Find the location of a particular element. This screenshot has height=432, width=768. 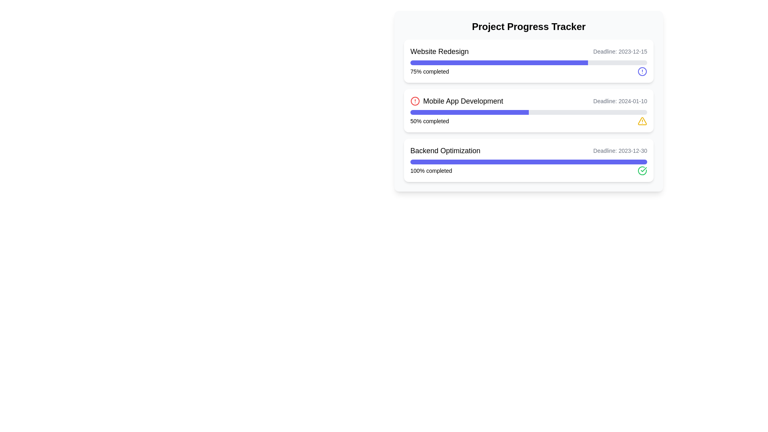

the central bold text 'Mobile App Development' within the text block that contains a red warning icon and a gray deadline text is located at coordinates (528, 101).